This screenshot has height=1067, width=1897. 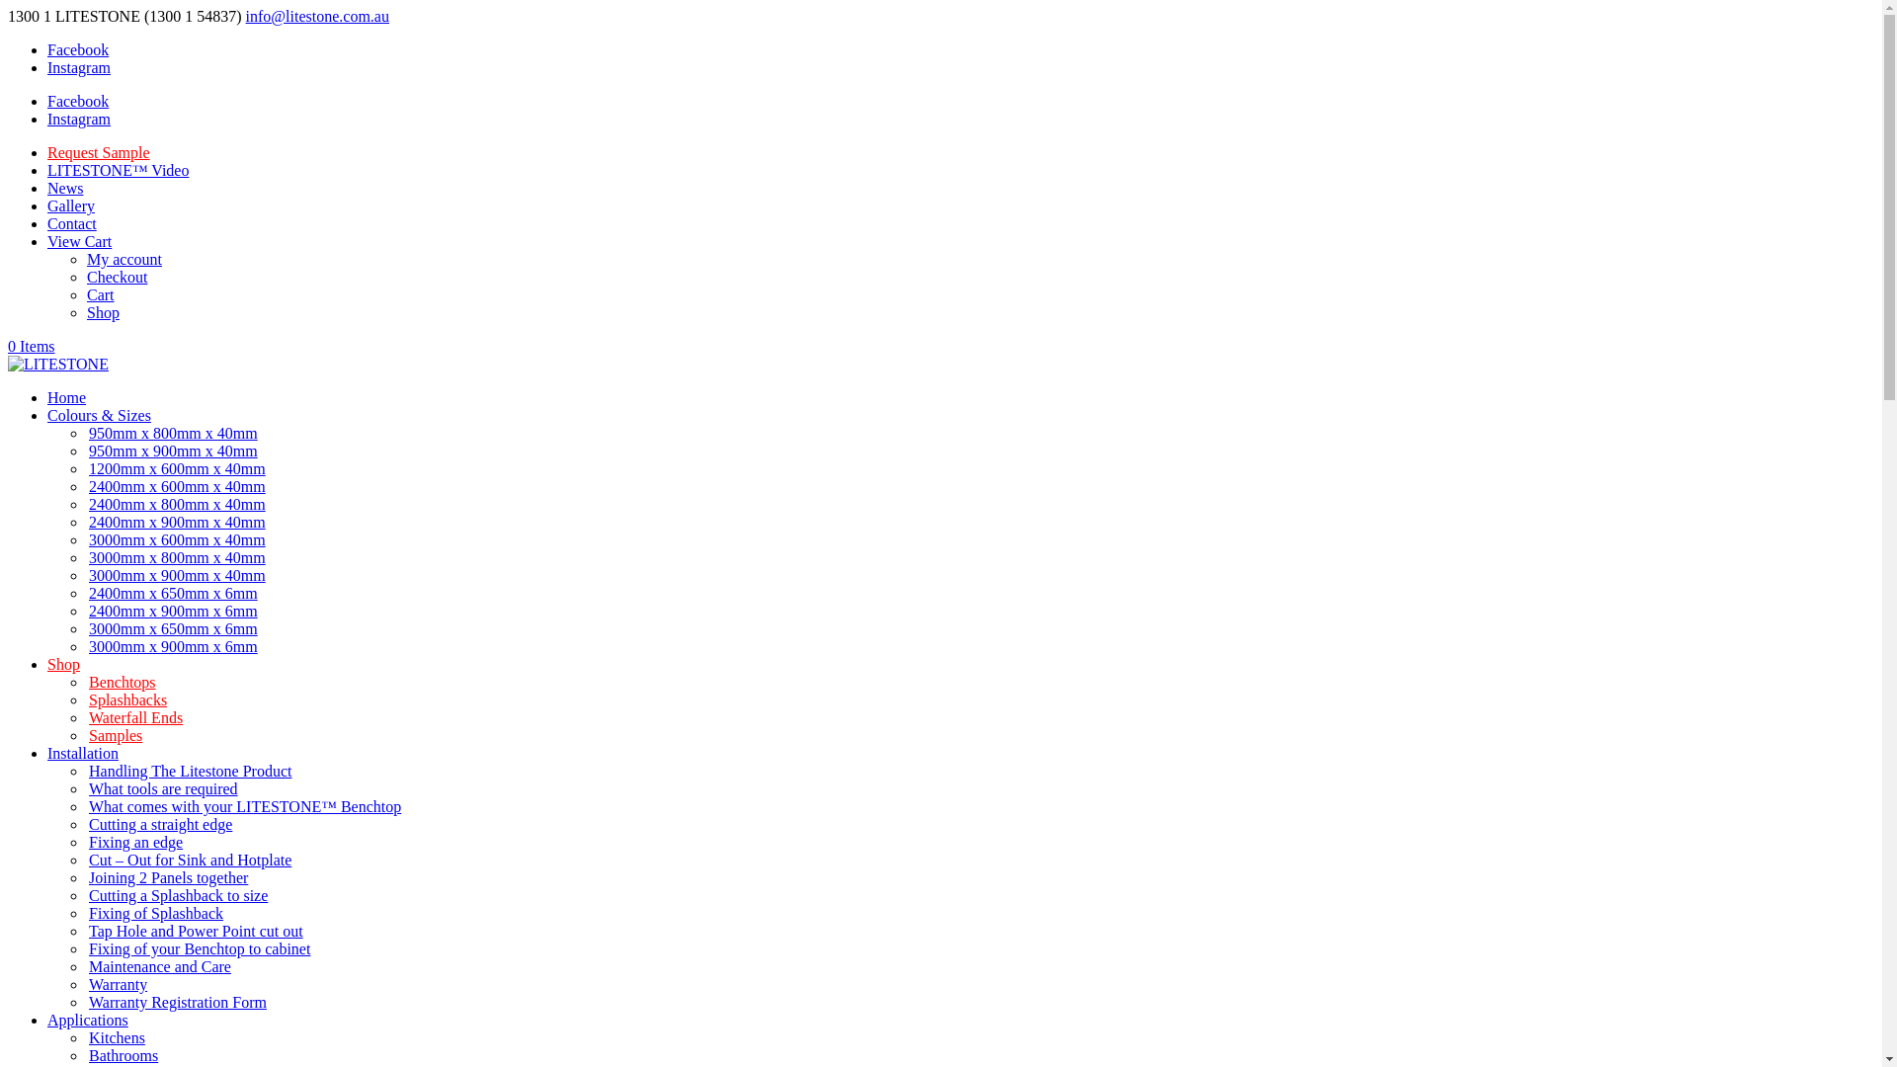 What do you see at coordinates (117, 984) in the screenshot?
I see `'Warranty'` at bounding box center [117, 984].